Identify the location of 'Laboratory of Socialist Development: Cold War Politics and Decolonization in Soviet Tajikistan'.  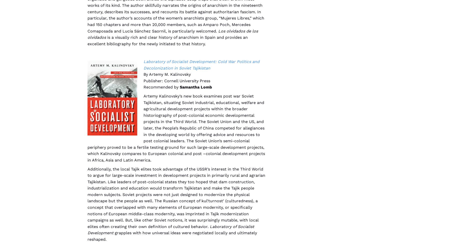
(201, 64).